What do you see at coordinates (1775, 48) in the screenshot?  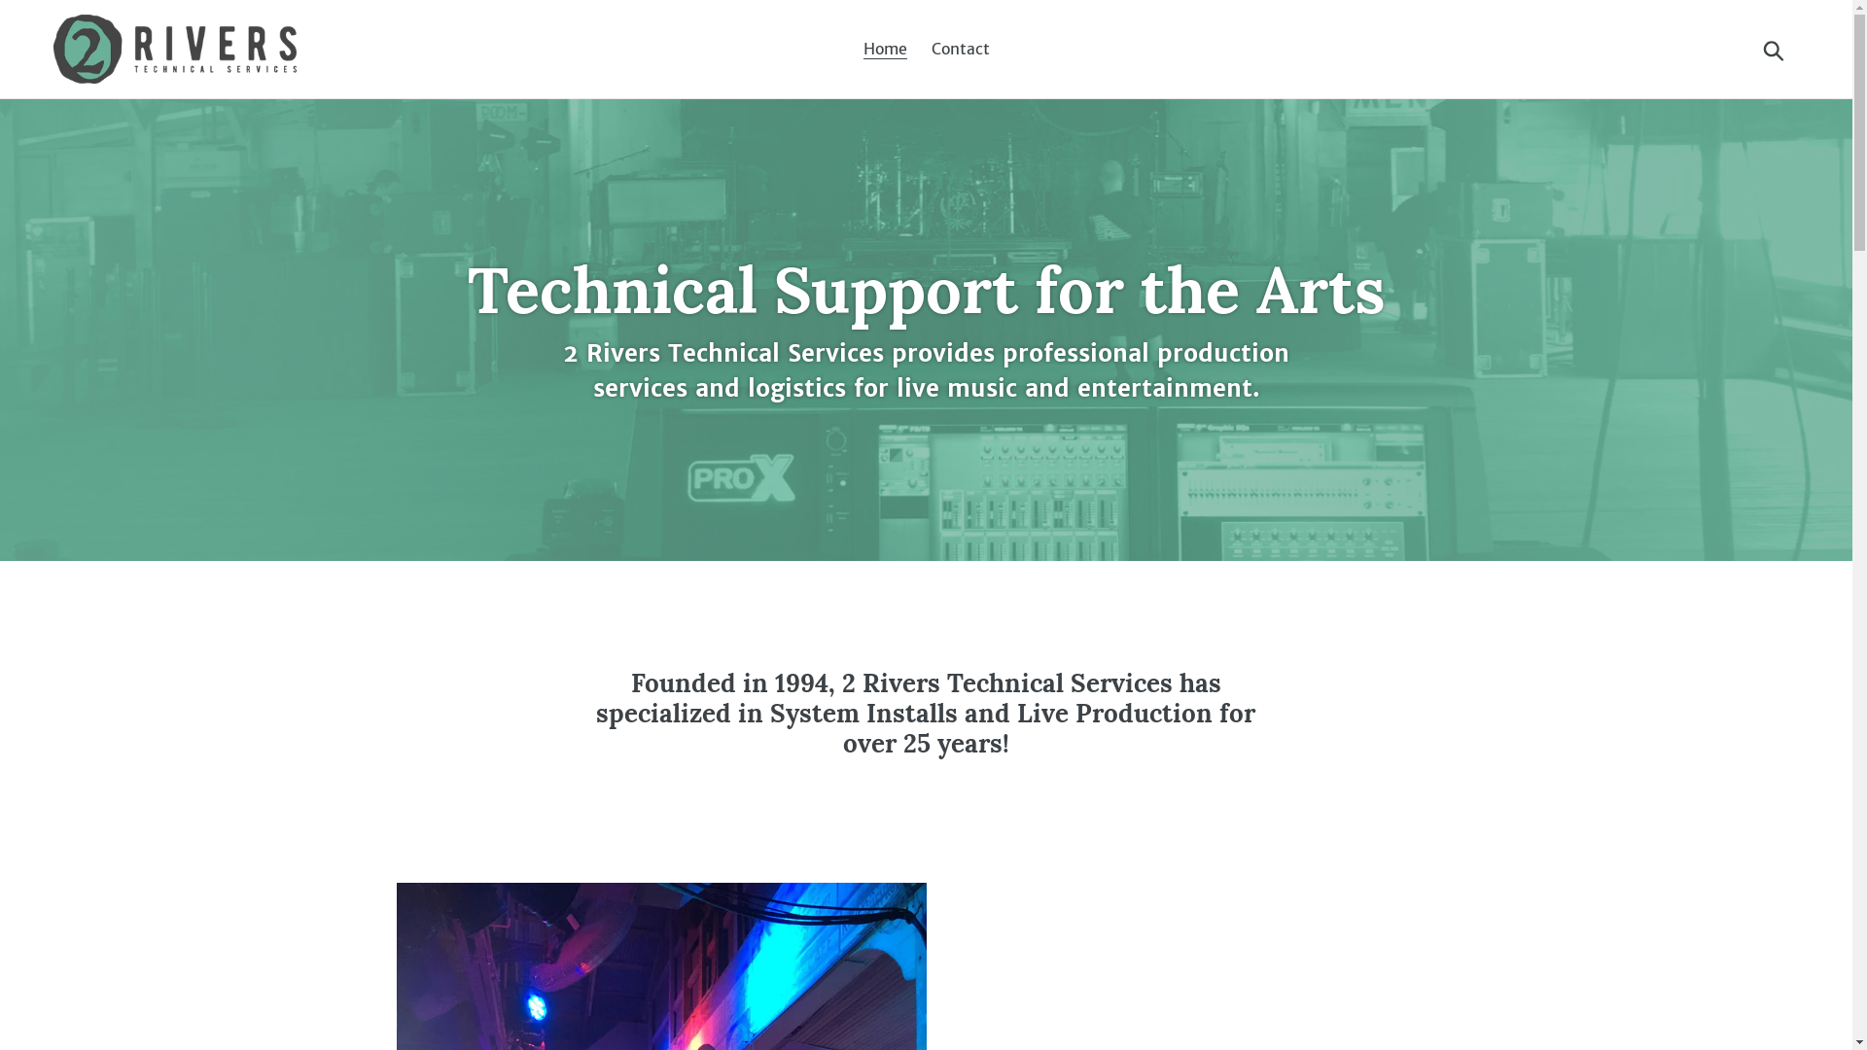 I see `'Submit'` at bounding box center [1775, 48].